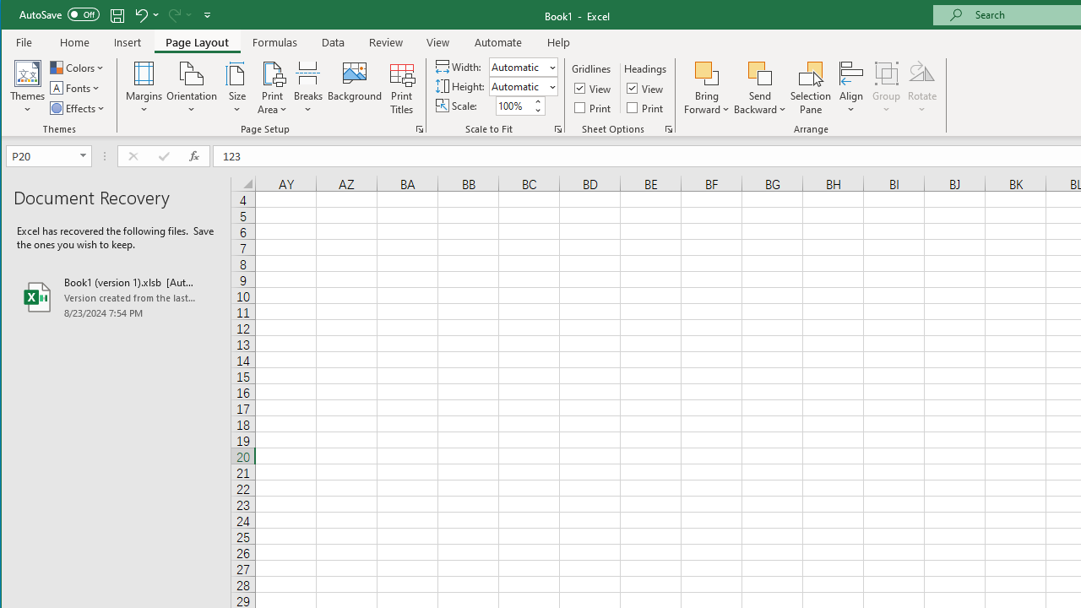 The width and height of the screenshot is (1081, 608). Describe the element at coordinates (192, 88) in the screenshot. I see `'Orientation'` at that location.